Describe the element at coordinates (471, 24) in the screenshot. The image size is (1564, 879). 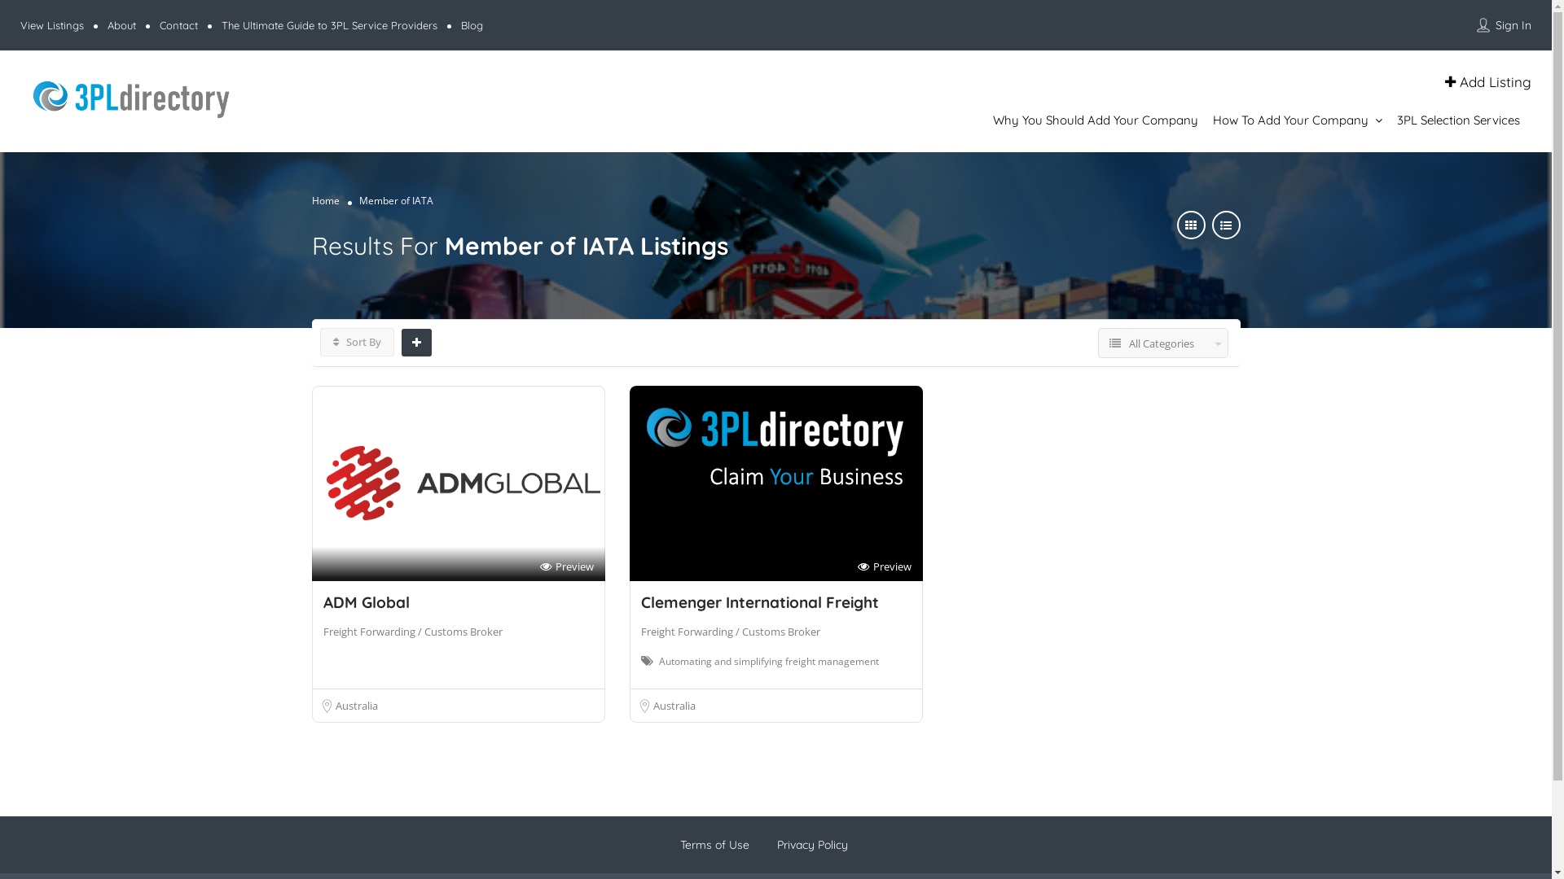
I see `'Blog'` at that location.